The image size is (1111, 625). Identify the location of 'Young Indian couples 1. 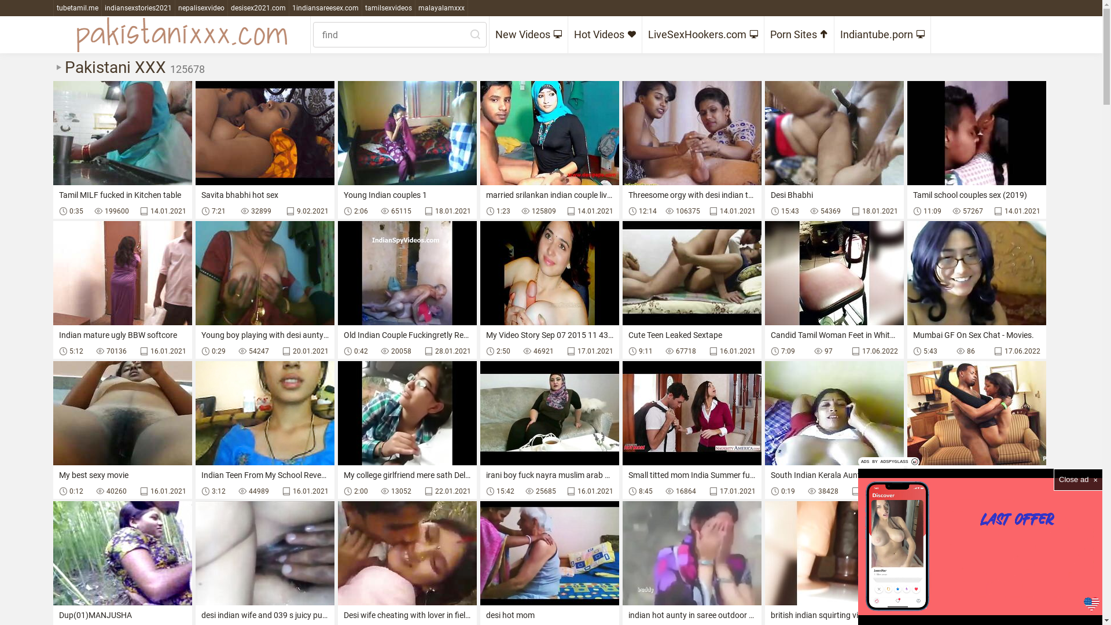
(407, 149).